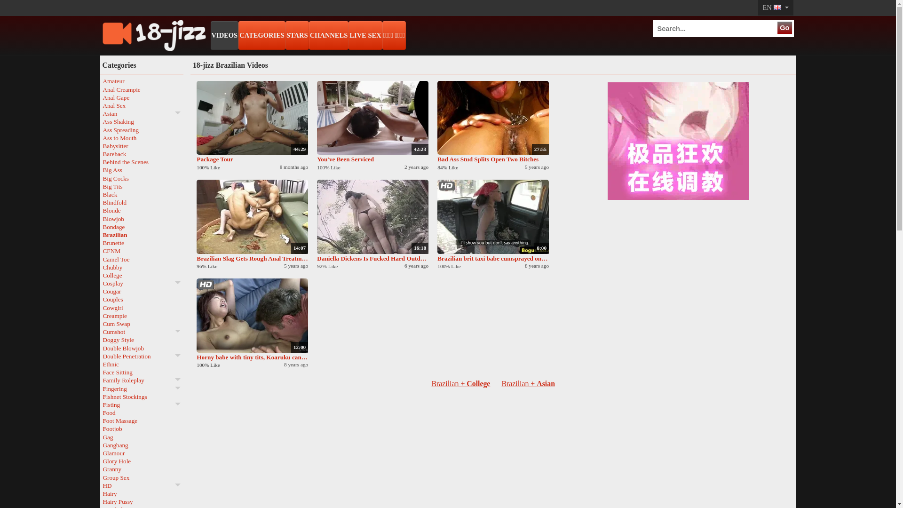 This screenshot has height=508, width=903. What do you see at coordinates (141, 170) in the screenshot?
I see `'Big Ass'` at bounding box center [141, 170].